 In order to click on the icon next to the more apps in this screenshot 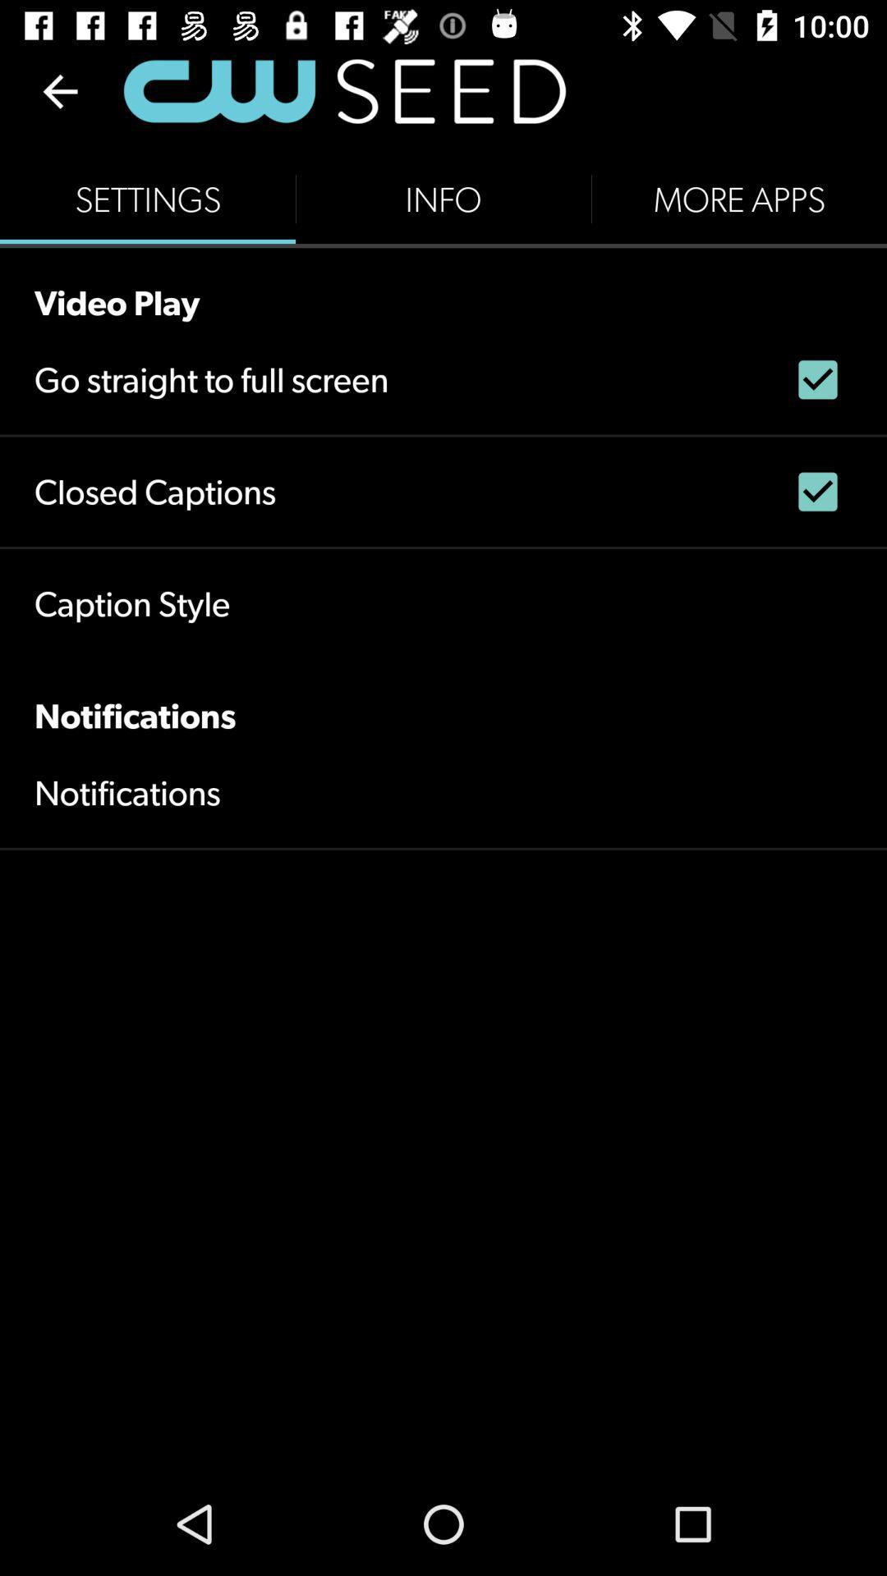, I will do `click(443, 199)`.